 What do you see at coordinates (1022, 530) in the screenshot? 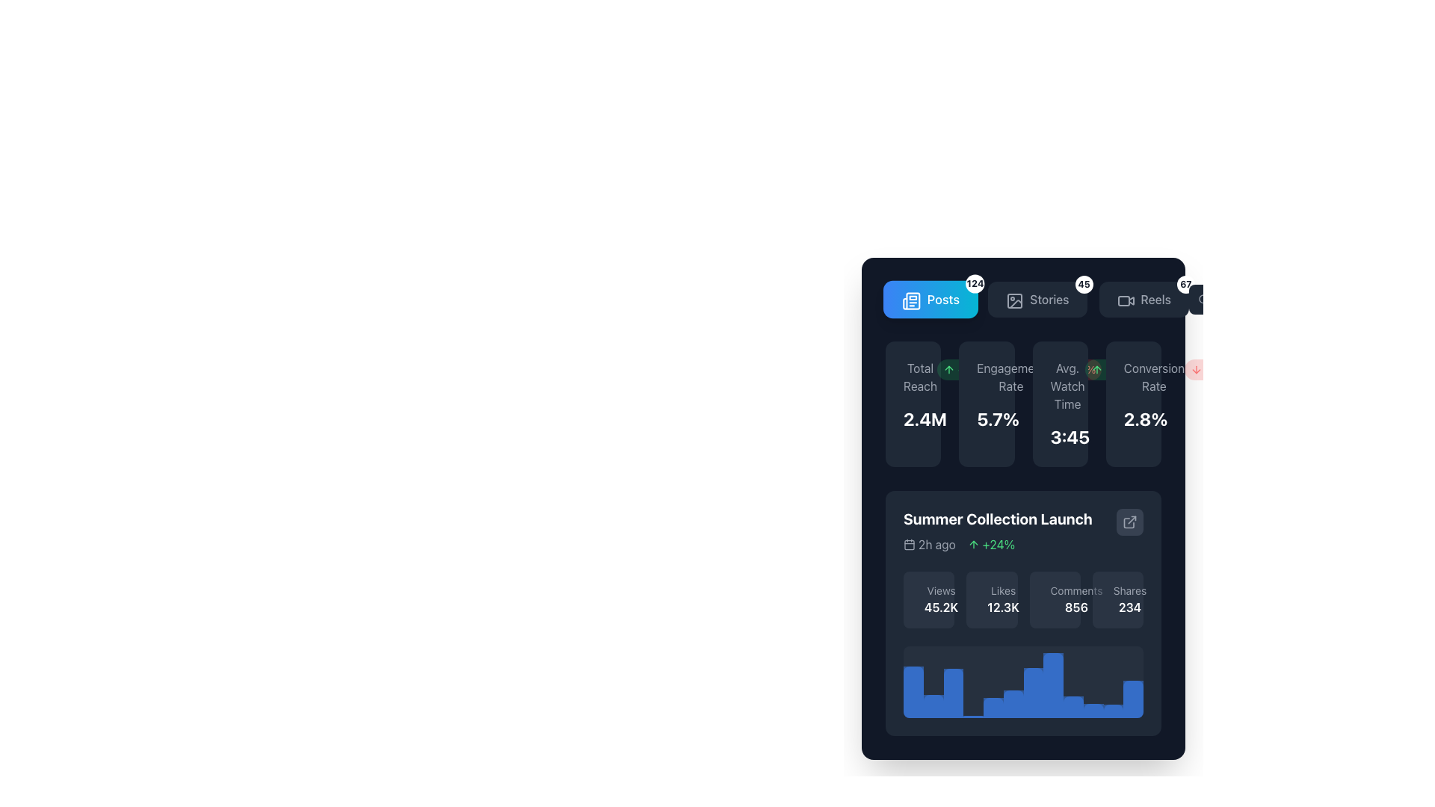
I see `the informational header title located at the top part of the card under the 'Posts' tab` at bounding box center [1022, 530].